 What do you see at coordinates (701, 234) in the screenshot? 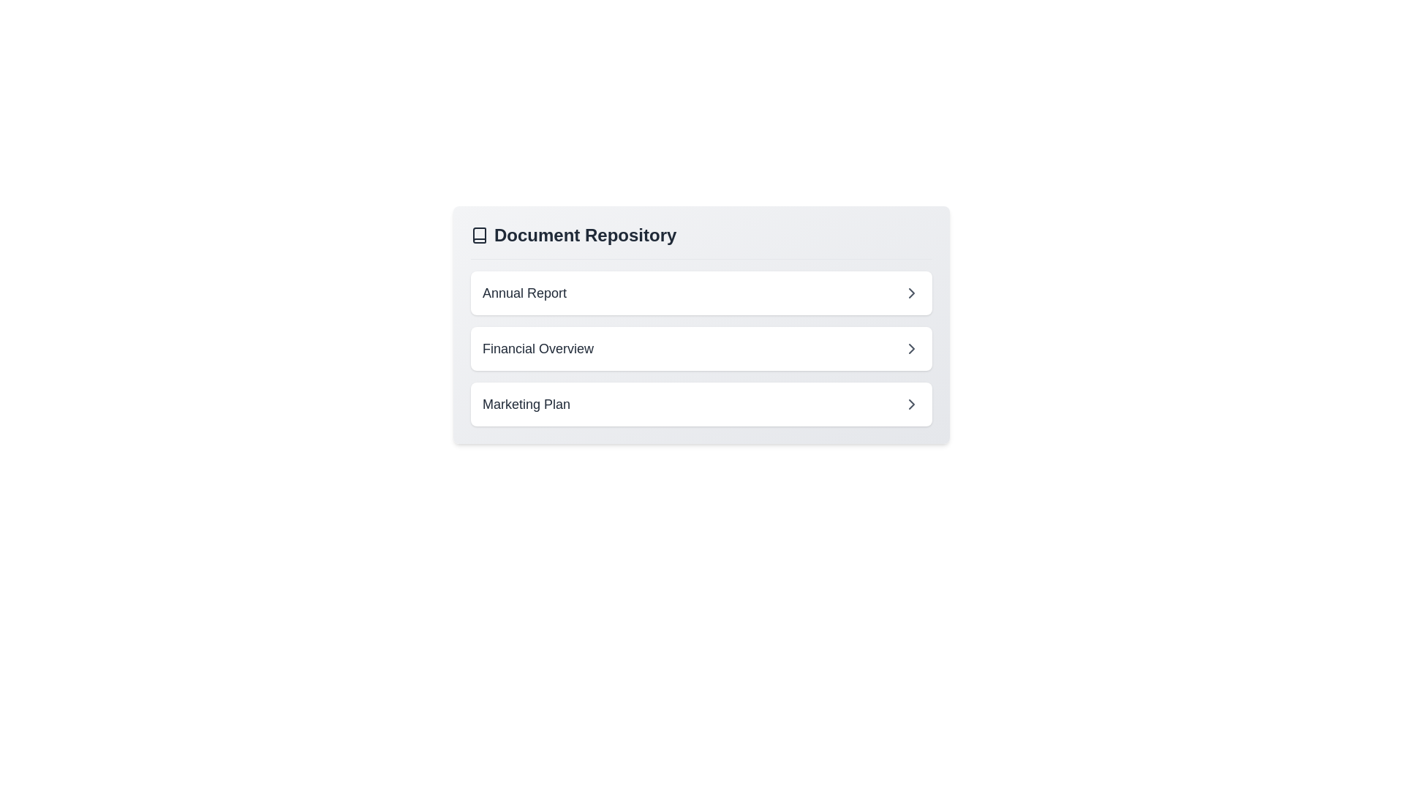
I see `the section represented` at bounding box center [701, 234].